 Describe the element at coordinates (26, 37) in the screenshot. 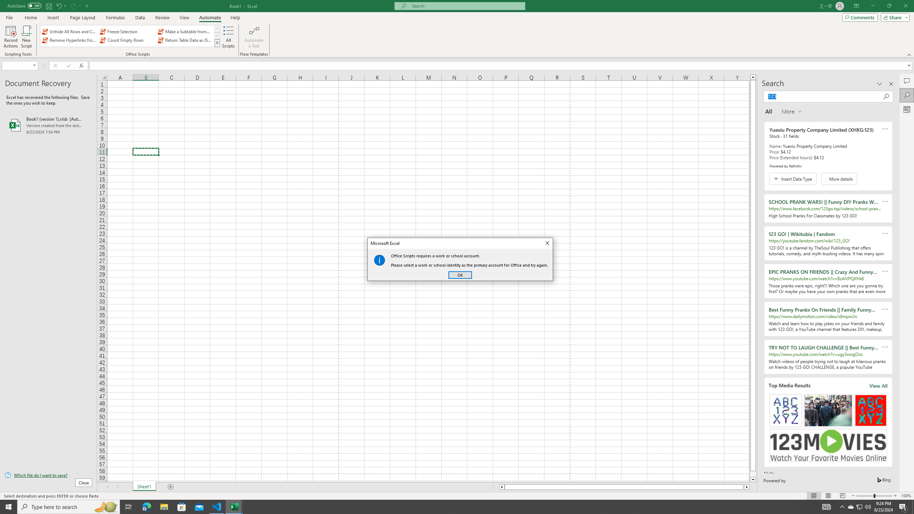

I see `'New Script'` at that location.